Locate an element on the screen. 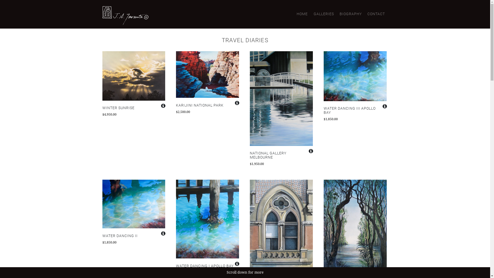 The width and height of the screenshot is (494, 278). 'GALLERIES' is located at coordinates (323, 14).